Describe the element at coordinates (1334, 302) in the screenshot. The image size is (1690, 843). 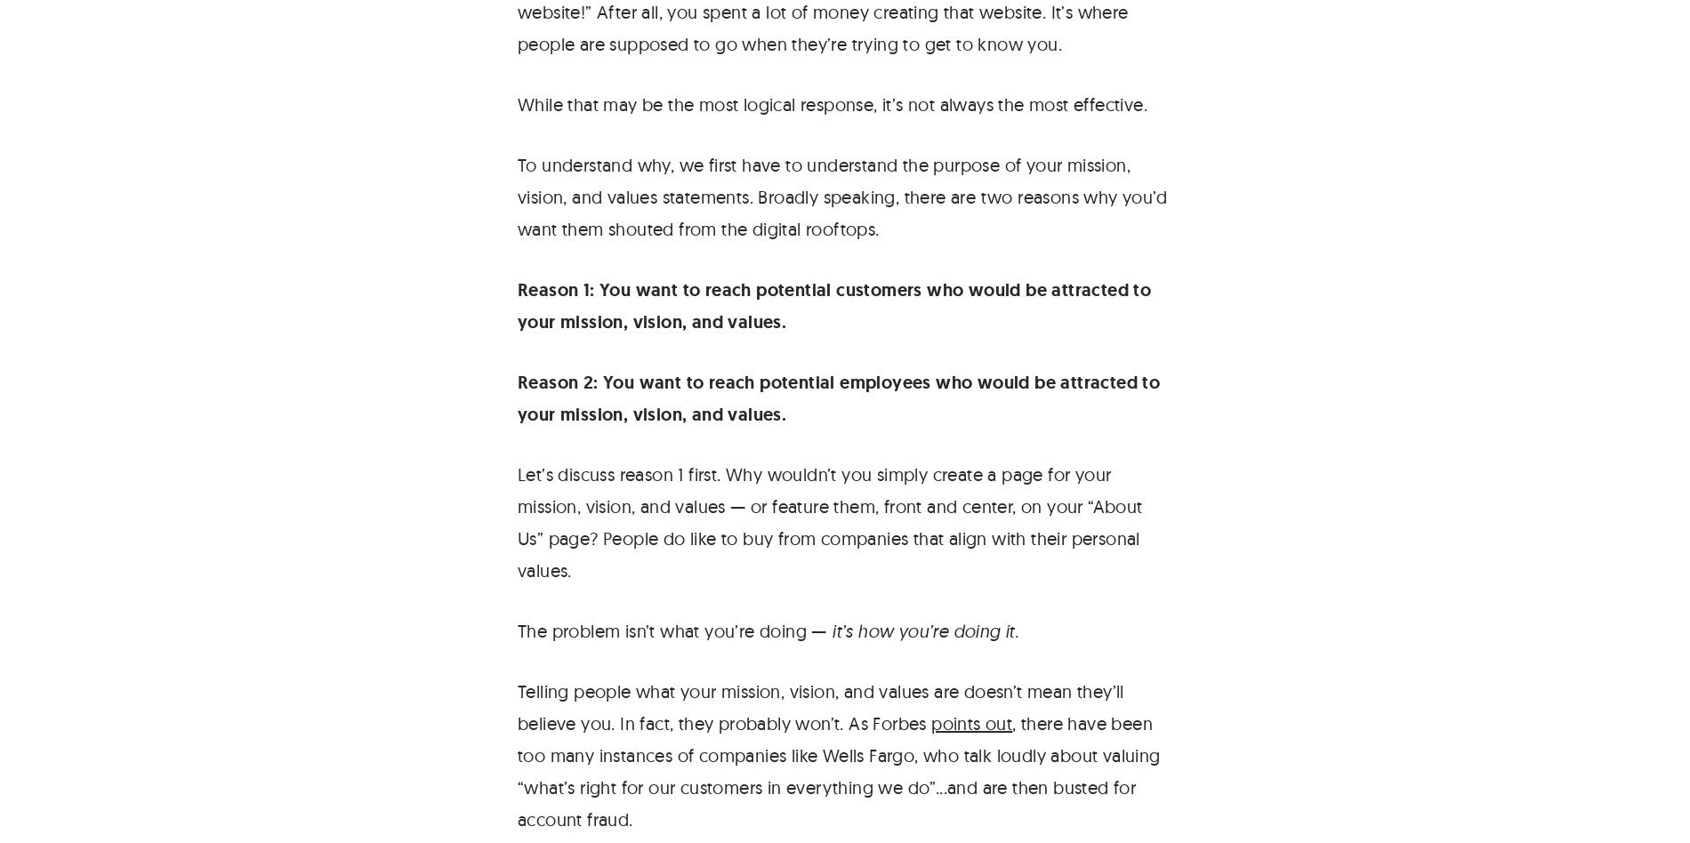
I see `'© 1999 – 2023 Viget Labs, LLC.'` at that location.